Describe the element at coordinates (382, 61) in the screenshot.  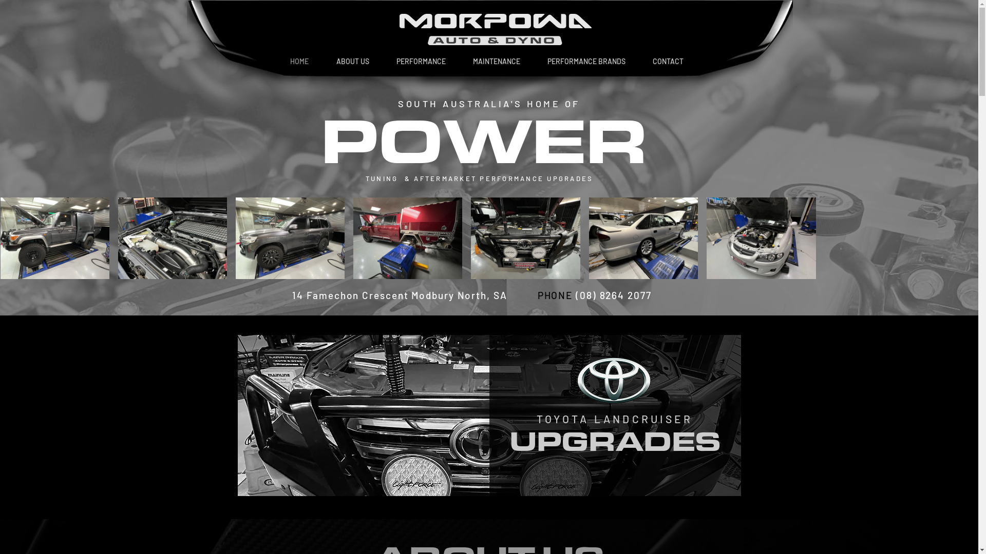
I see `'PERFORMANCE'` at that location.